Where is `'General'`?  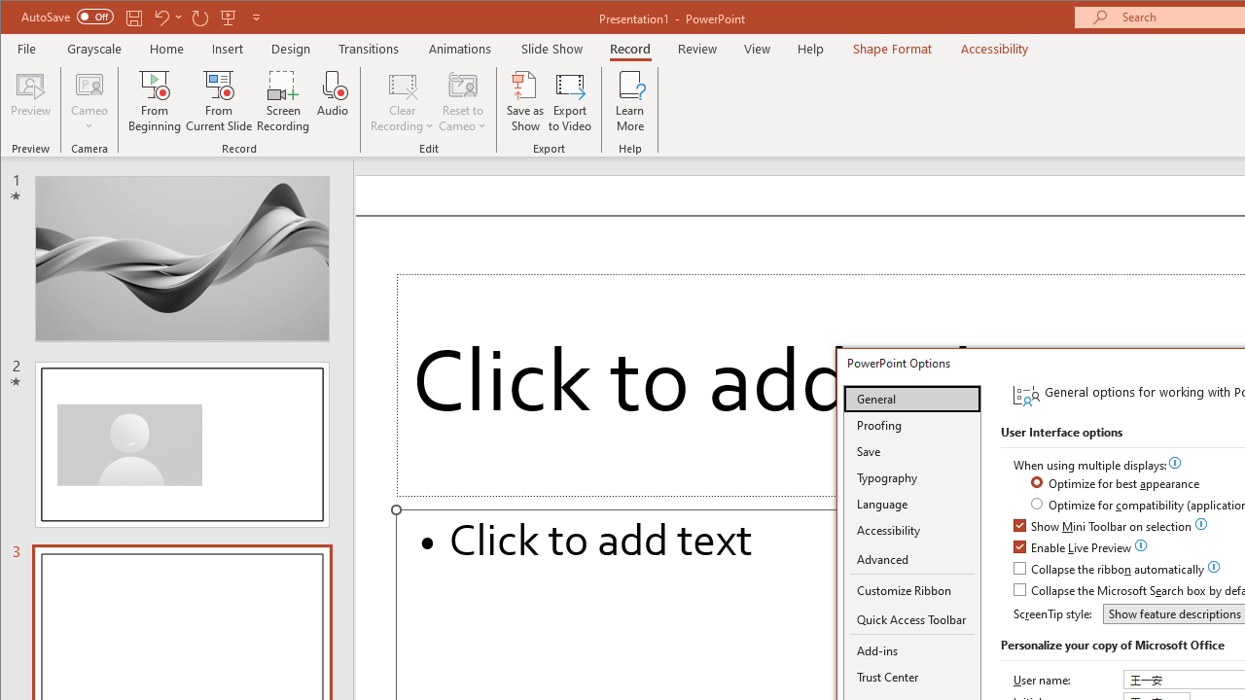 'General' is located at coordinates (911, 398).